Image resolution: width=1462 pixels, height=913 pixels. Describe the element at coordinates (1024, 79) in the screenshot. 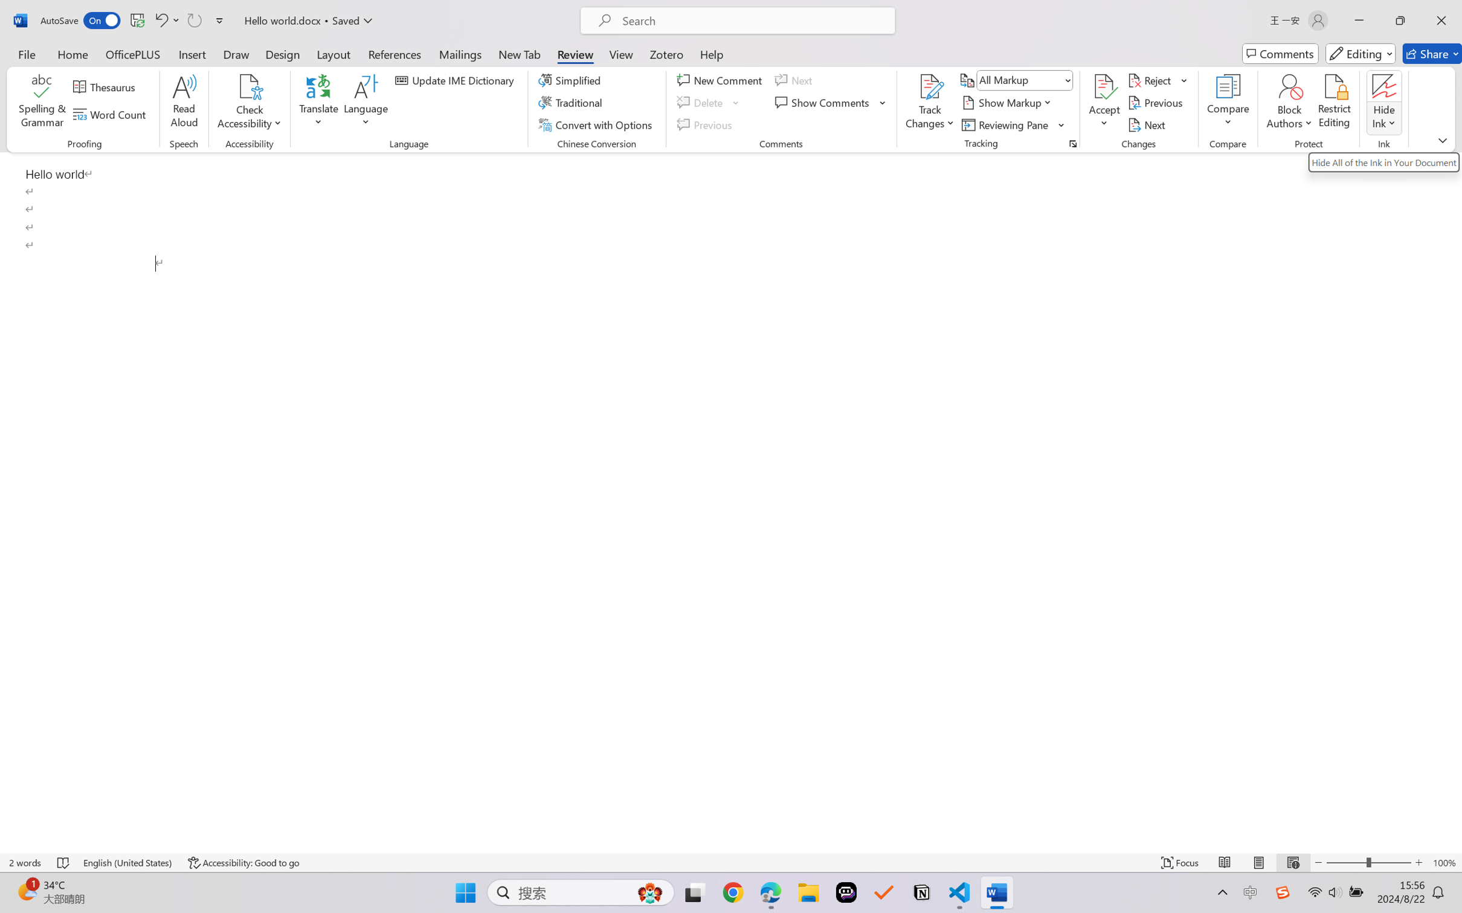

I see `'Display for Review'` at that location.